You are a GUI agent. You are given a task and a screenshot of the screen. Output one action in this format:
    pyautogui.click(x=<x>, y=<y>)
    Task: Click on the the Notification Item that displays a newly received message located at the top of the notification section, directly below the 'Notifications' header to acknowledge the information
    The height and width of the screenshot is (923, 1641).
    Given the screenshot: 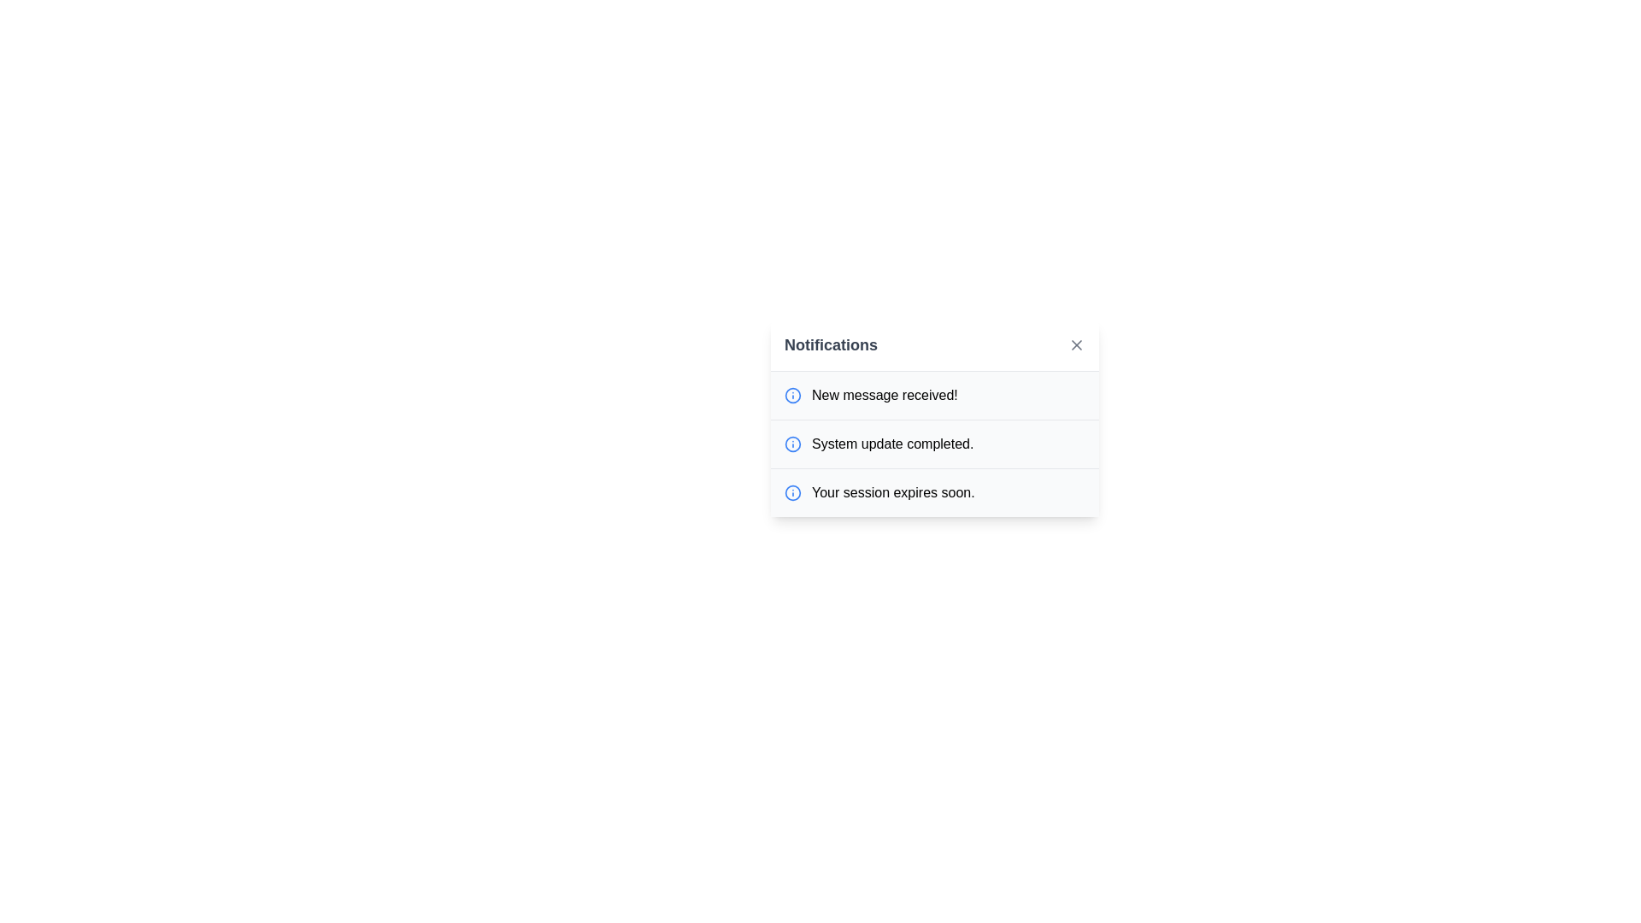 What is the action you would take?
    pyautogui.click(x=871, y=395)
    